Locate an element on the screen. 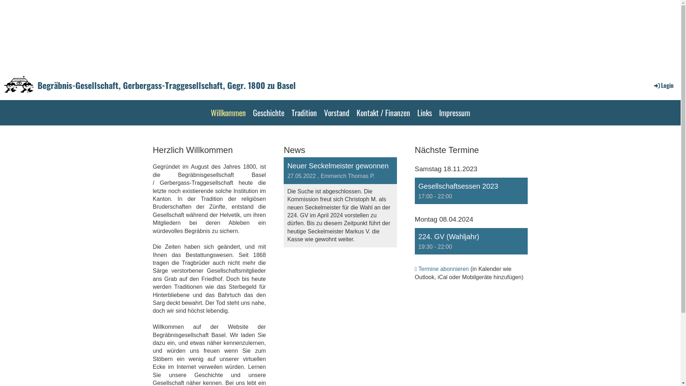 The image size is (686, 386). '224. GV (Wahljahr) is located at coordinates (471, 241).